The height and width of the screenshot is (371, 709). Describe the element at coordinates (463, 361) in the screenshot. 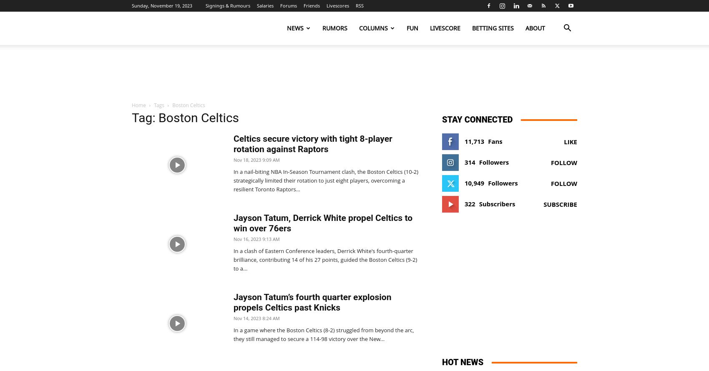

I see `'HOT NEWS'` at that location.